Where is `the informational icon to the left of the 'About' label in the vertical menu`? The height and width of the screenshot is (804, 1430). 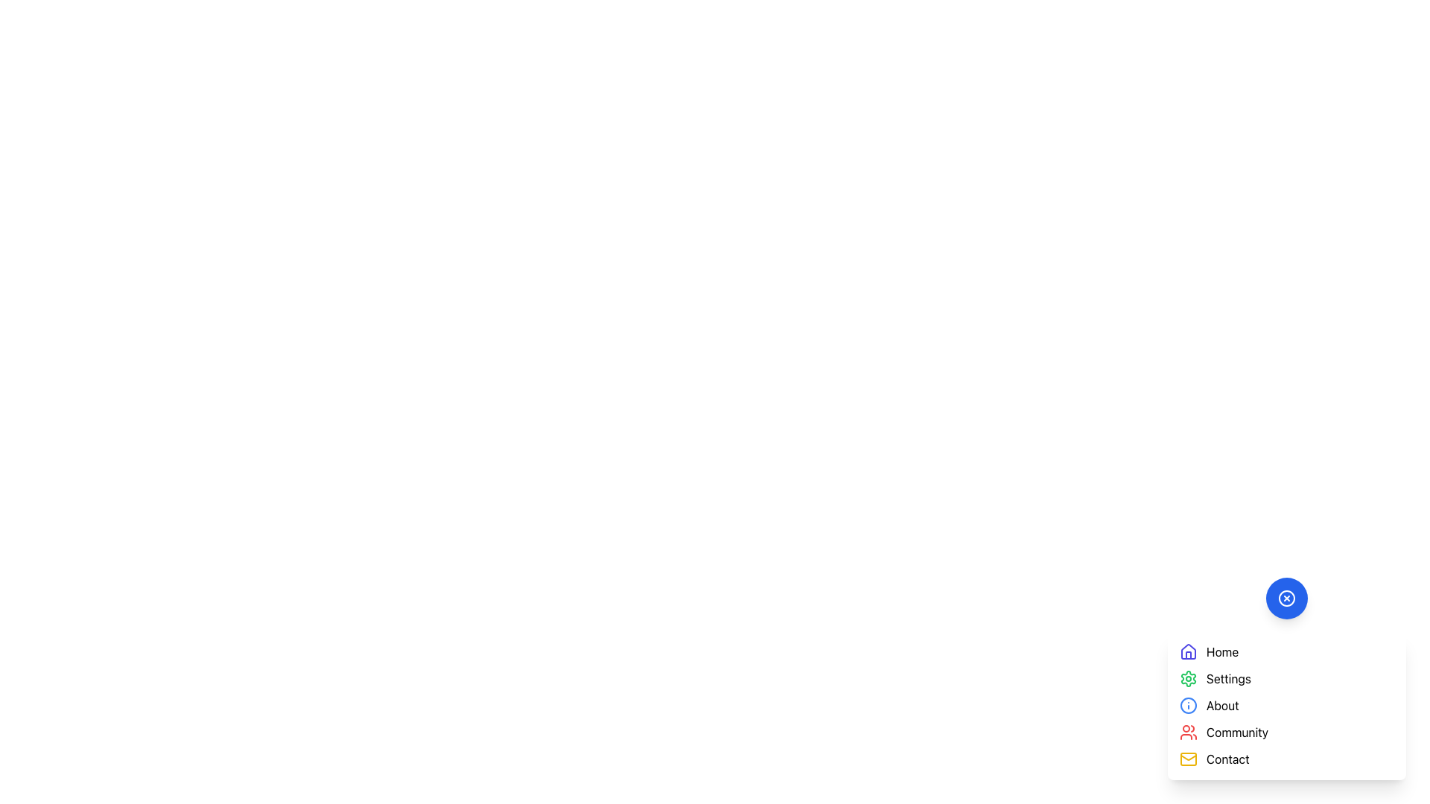
the informational icon to the left of the 'About' label in the vertical menu is located at coordinates (1188, 705).